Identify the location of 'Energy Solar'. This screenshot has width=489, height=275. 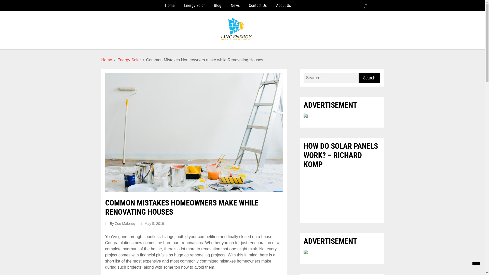
(117, 60).